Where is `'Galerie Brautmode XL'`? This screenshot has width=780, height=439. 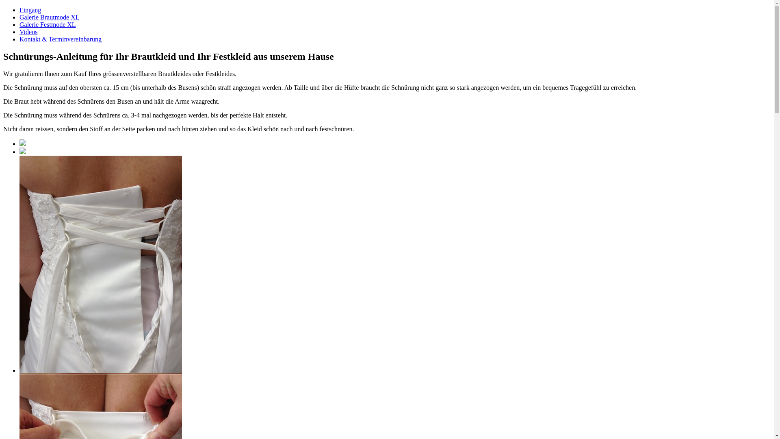
'Galerie Brautmode XL' is located at coordinates (19, 17).